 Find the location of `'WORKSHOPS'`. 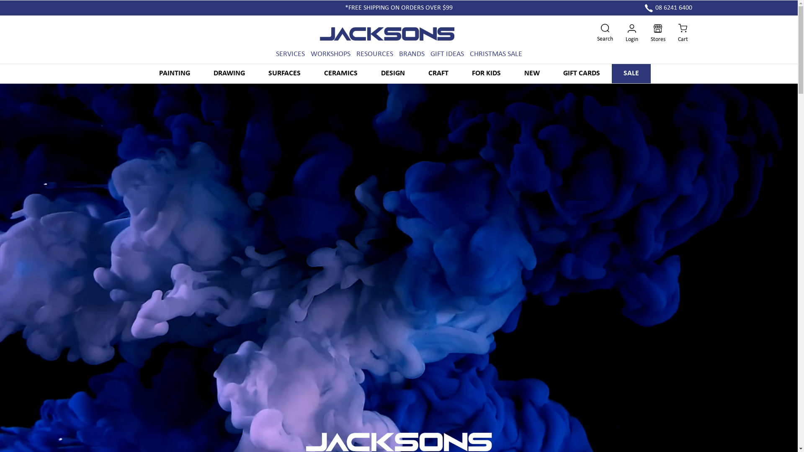

'WORKSHOPS' is located at coordinates (310, 54).